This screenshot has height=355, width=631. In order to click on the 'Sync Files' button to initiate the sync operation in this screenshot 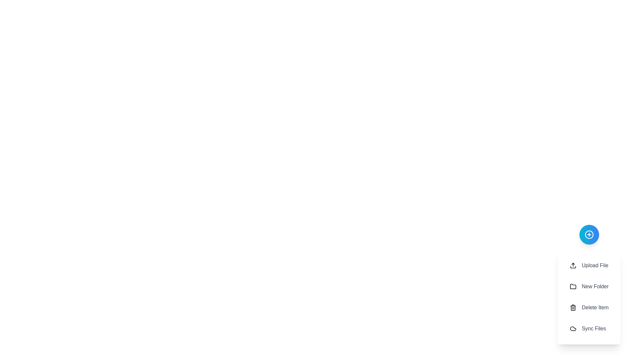, I will do `click(589, 328)`.